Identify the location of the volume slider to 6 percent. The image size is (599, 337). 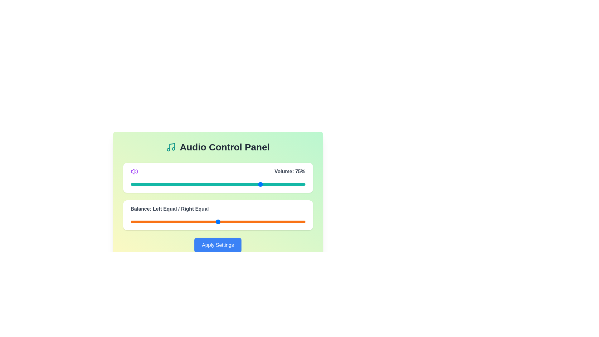
(141, 184).